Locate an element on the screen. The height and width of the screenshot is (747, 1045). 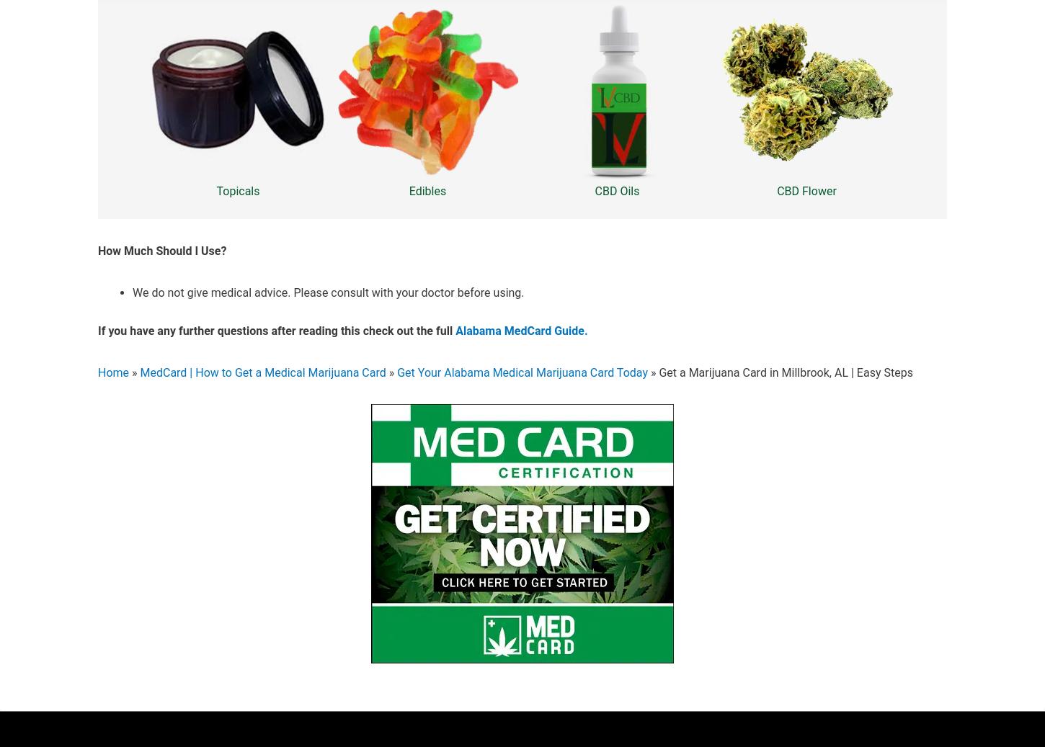
'CBD Flower' is located at coordinates (805, 190).